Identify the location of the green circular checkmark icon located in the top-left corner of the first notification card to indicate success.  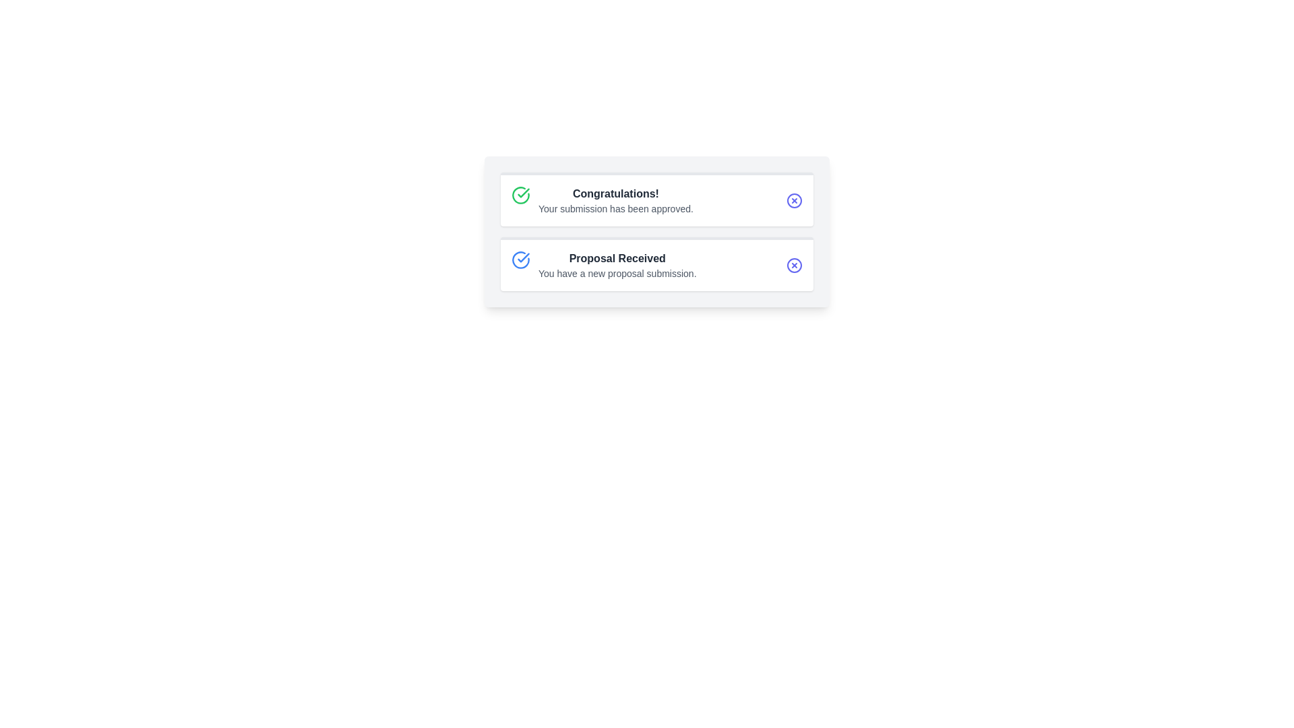
(523, 193).